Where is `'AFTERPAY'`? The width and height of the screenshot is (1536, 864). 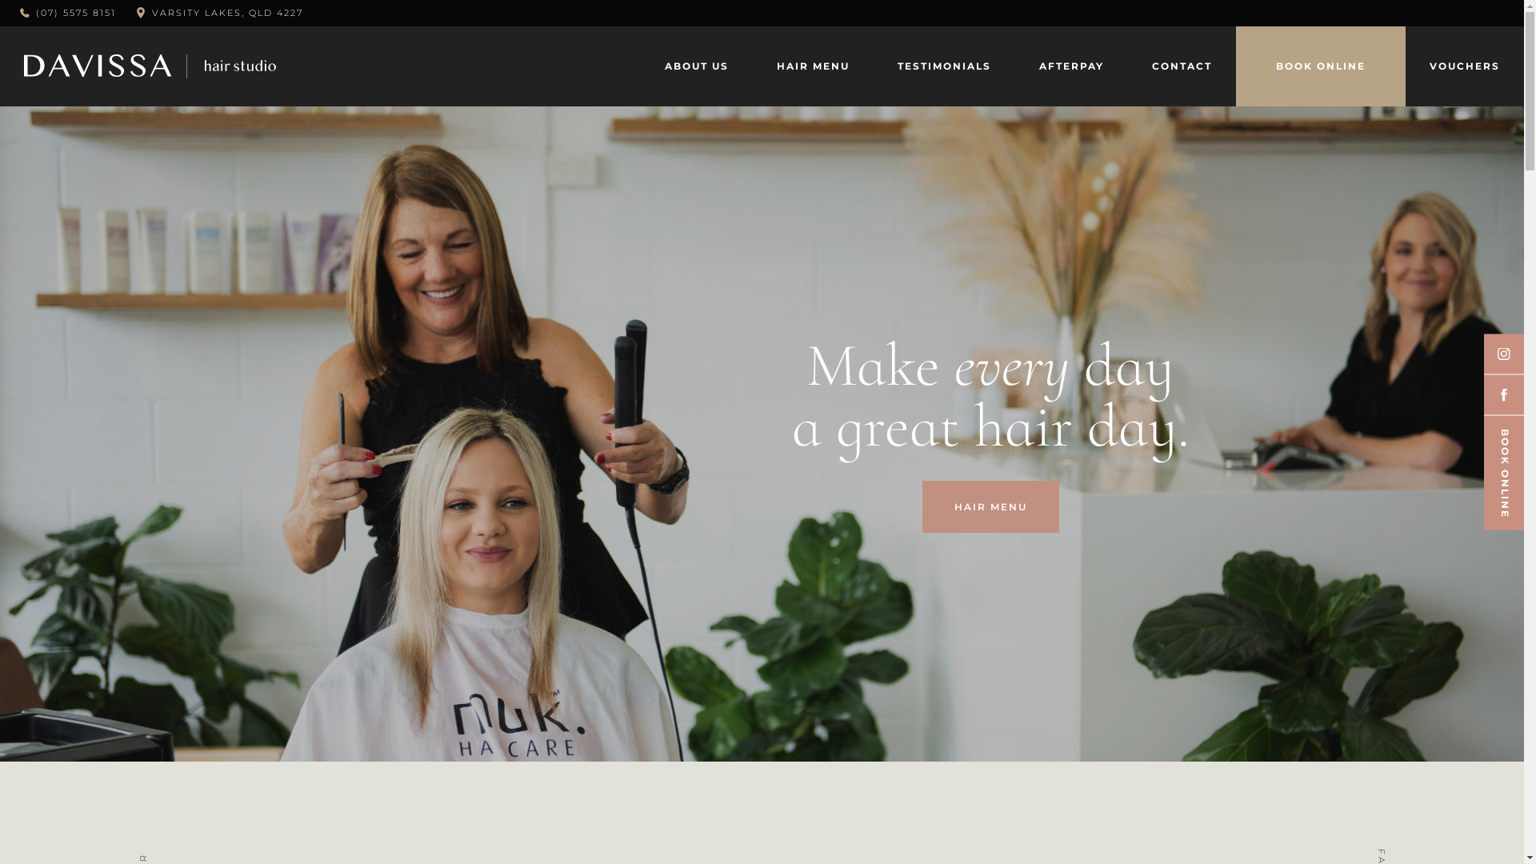 'AFTERPAY' is located at coordinates (1071, 66).